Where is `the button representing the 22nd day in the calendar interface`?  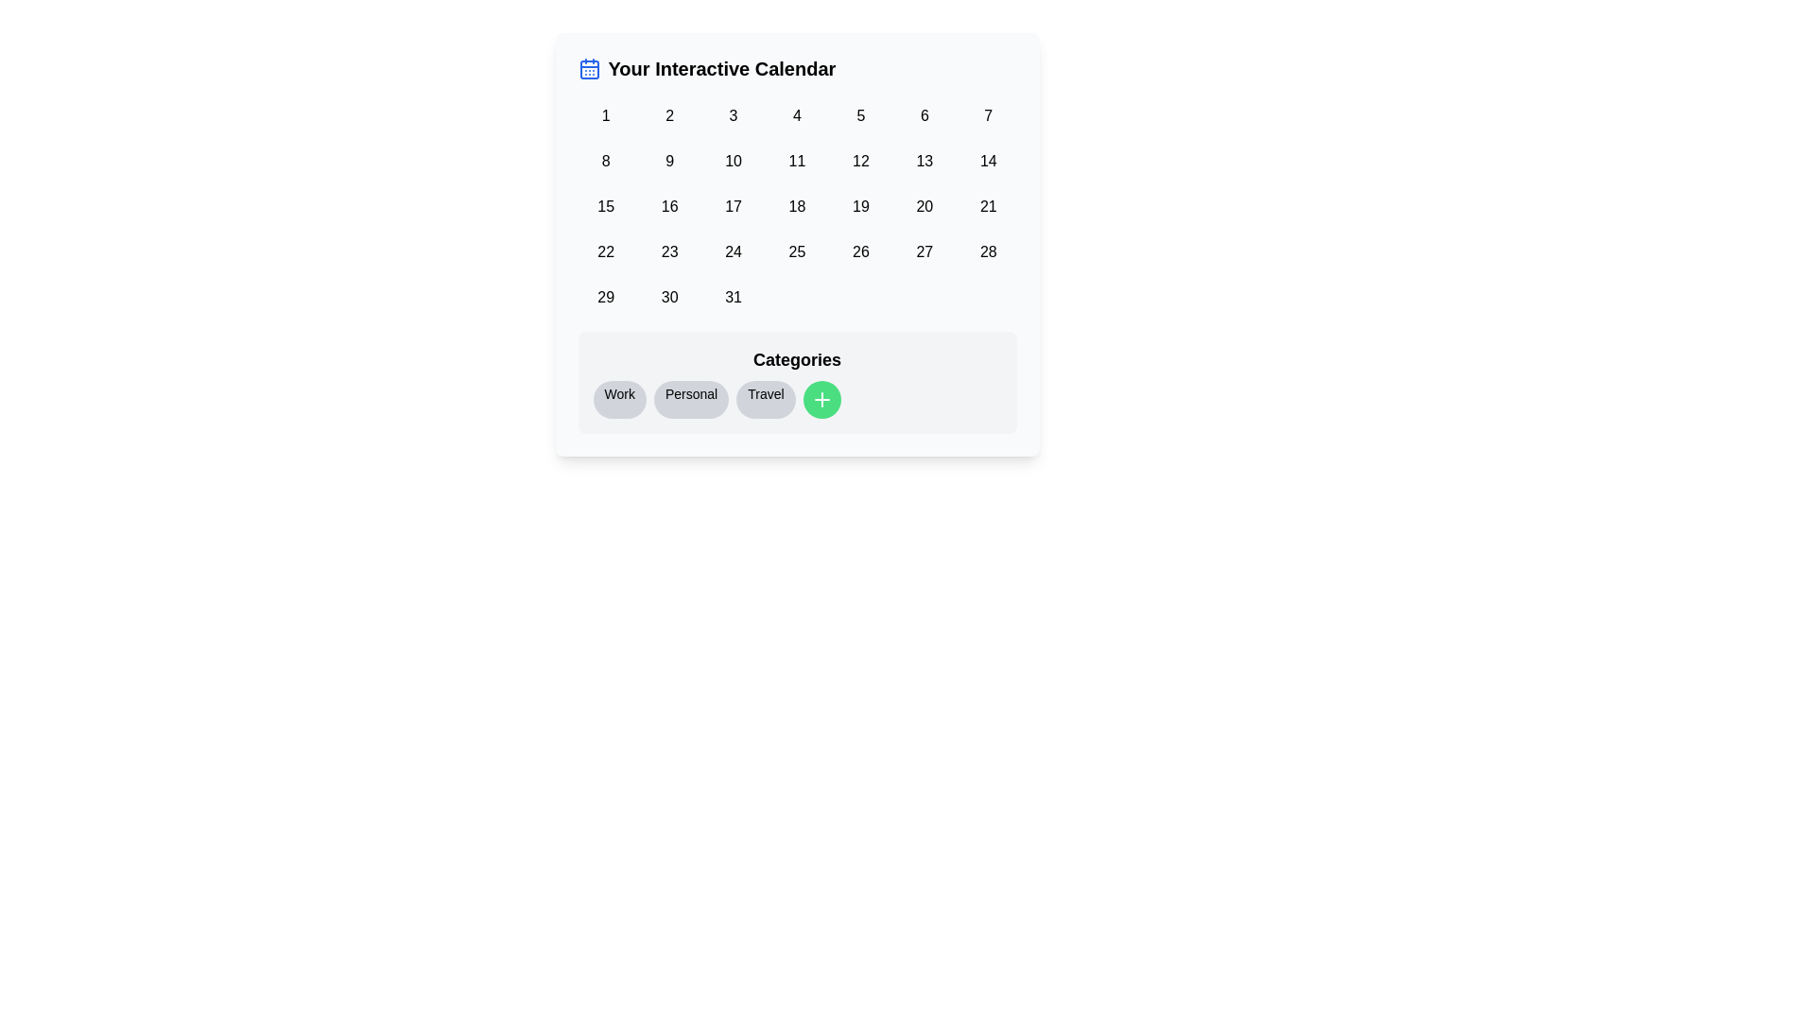
the button representing the 22nd day in the calendar interface is located at coordinates (606, 251).